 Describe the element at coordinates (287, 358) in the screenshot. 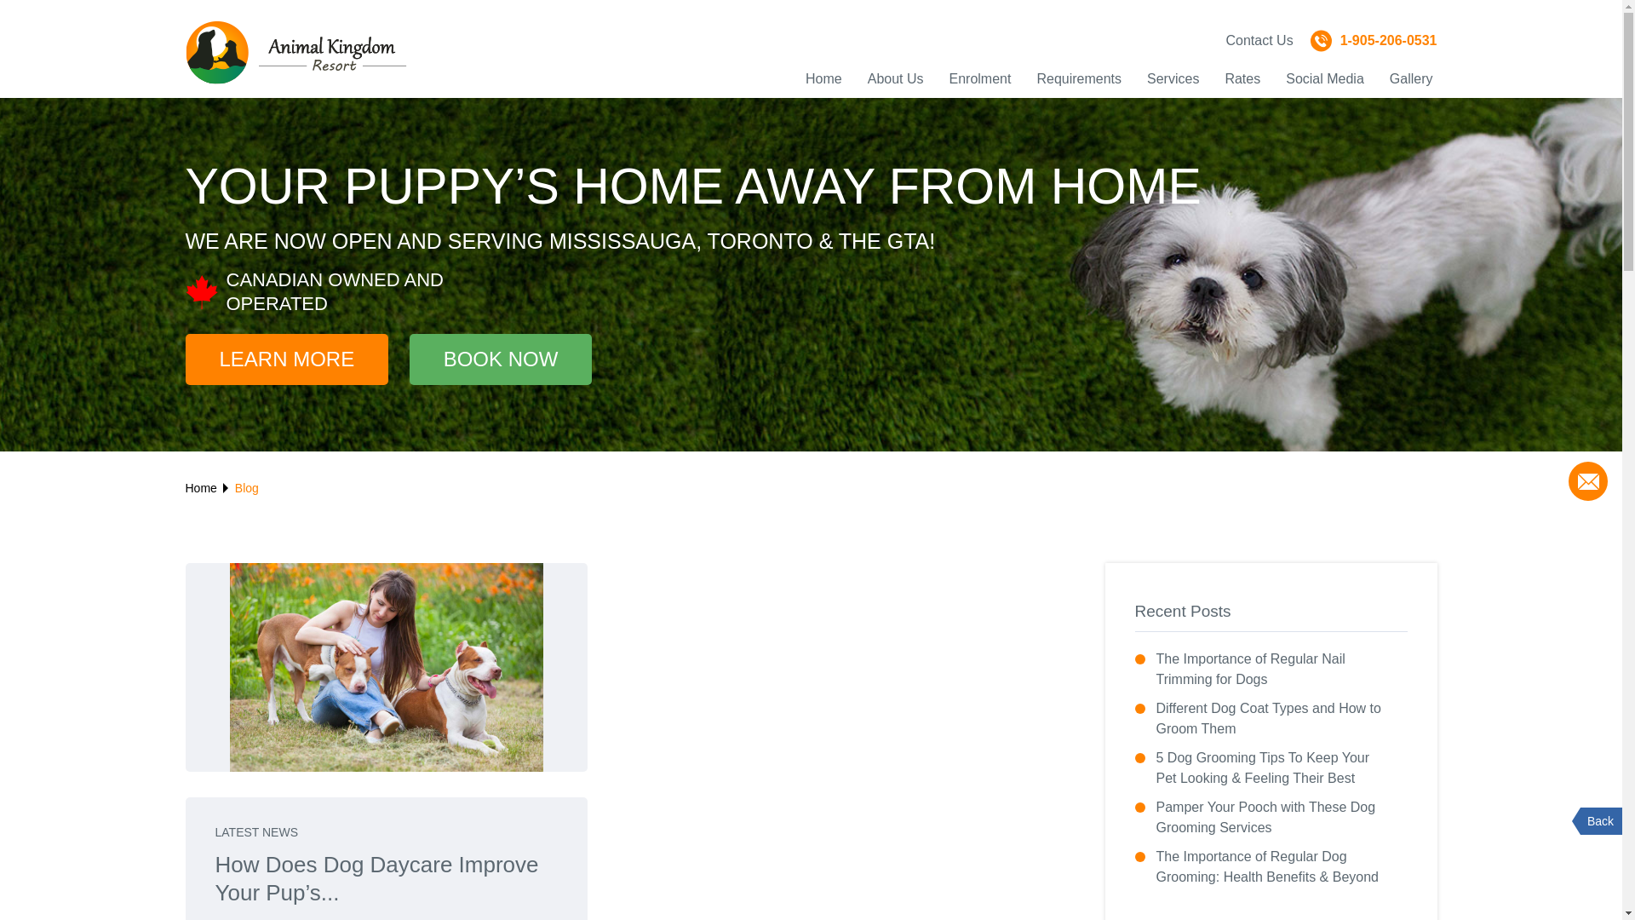

I see `'LEARN MORE'` at that location.